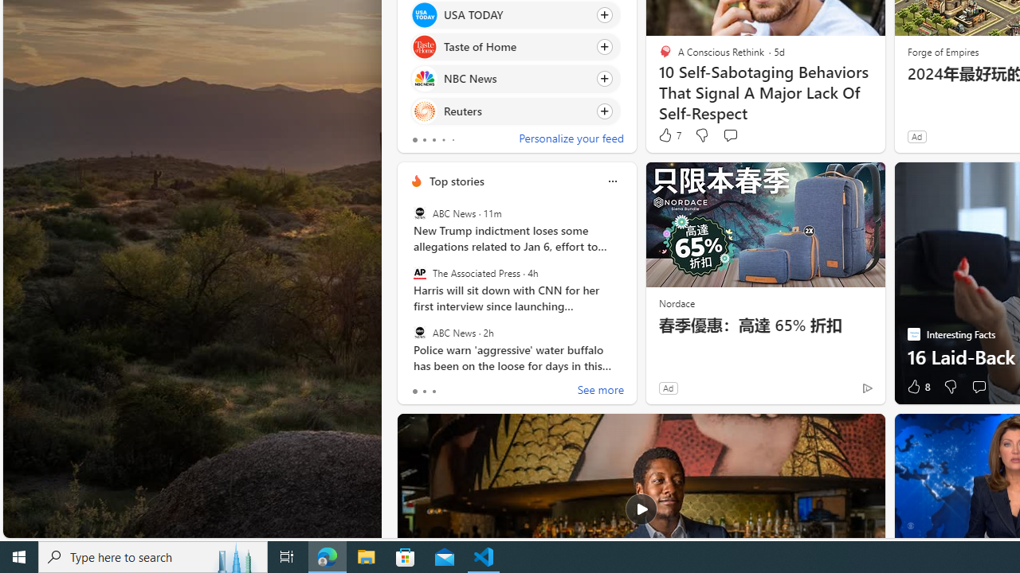  What do you see at coordinates (676, 302) in the screenshot?
I see `'Nordace'` at bounding box center [676, 302].